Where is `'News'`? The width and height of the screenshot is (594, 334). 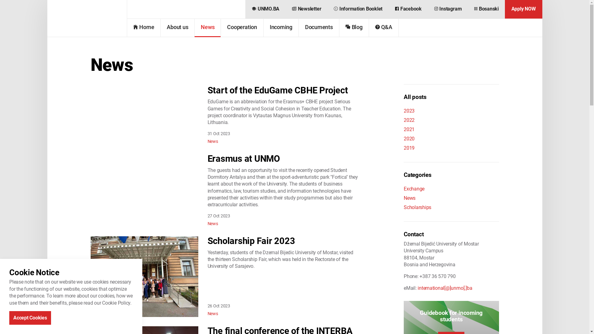
'News' is located at coordinates (208, 27).